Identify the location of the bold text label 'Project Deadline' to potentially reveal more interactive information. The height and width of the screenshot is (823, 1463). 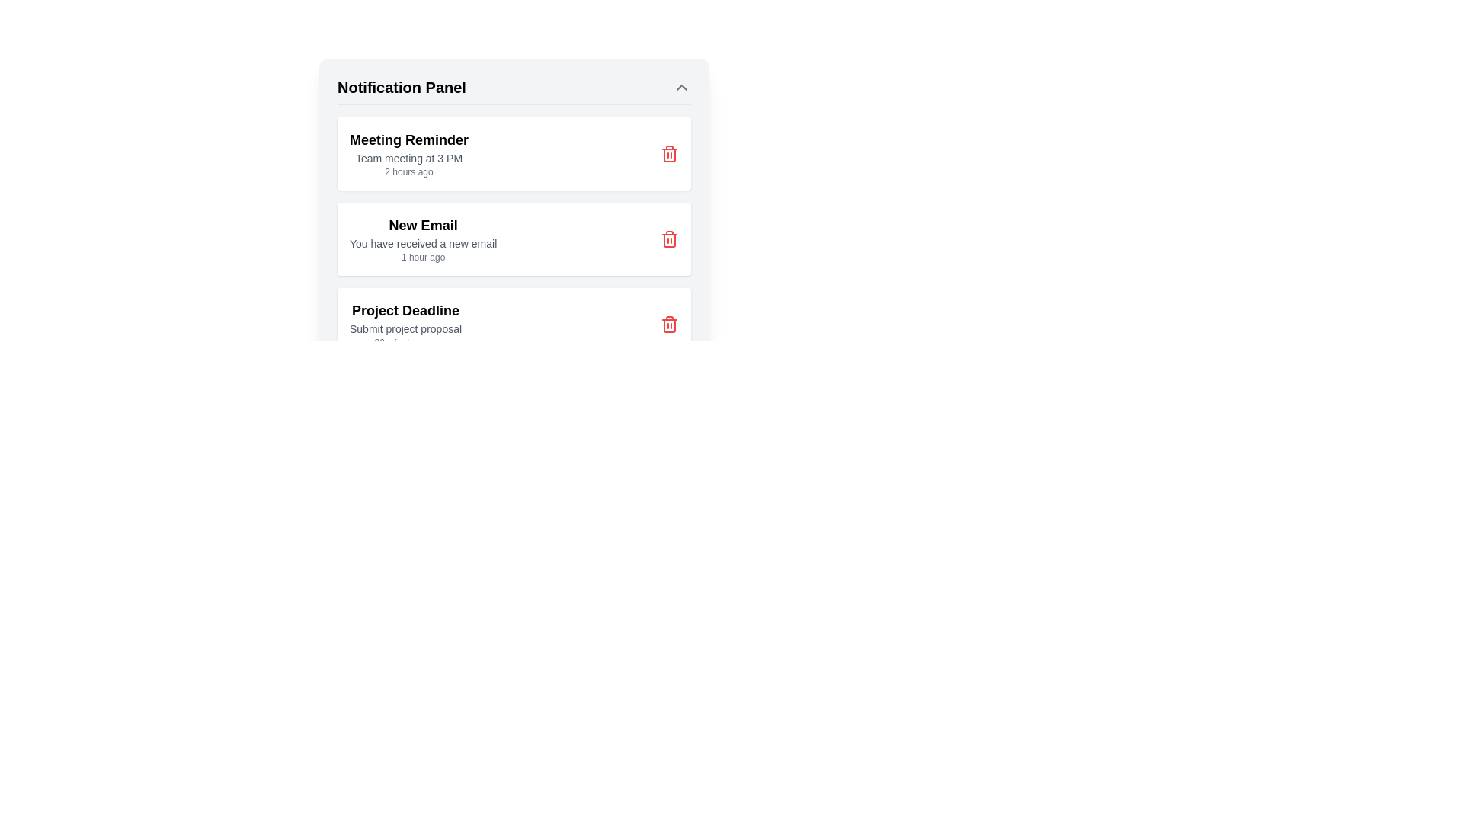
(405, 310).